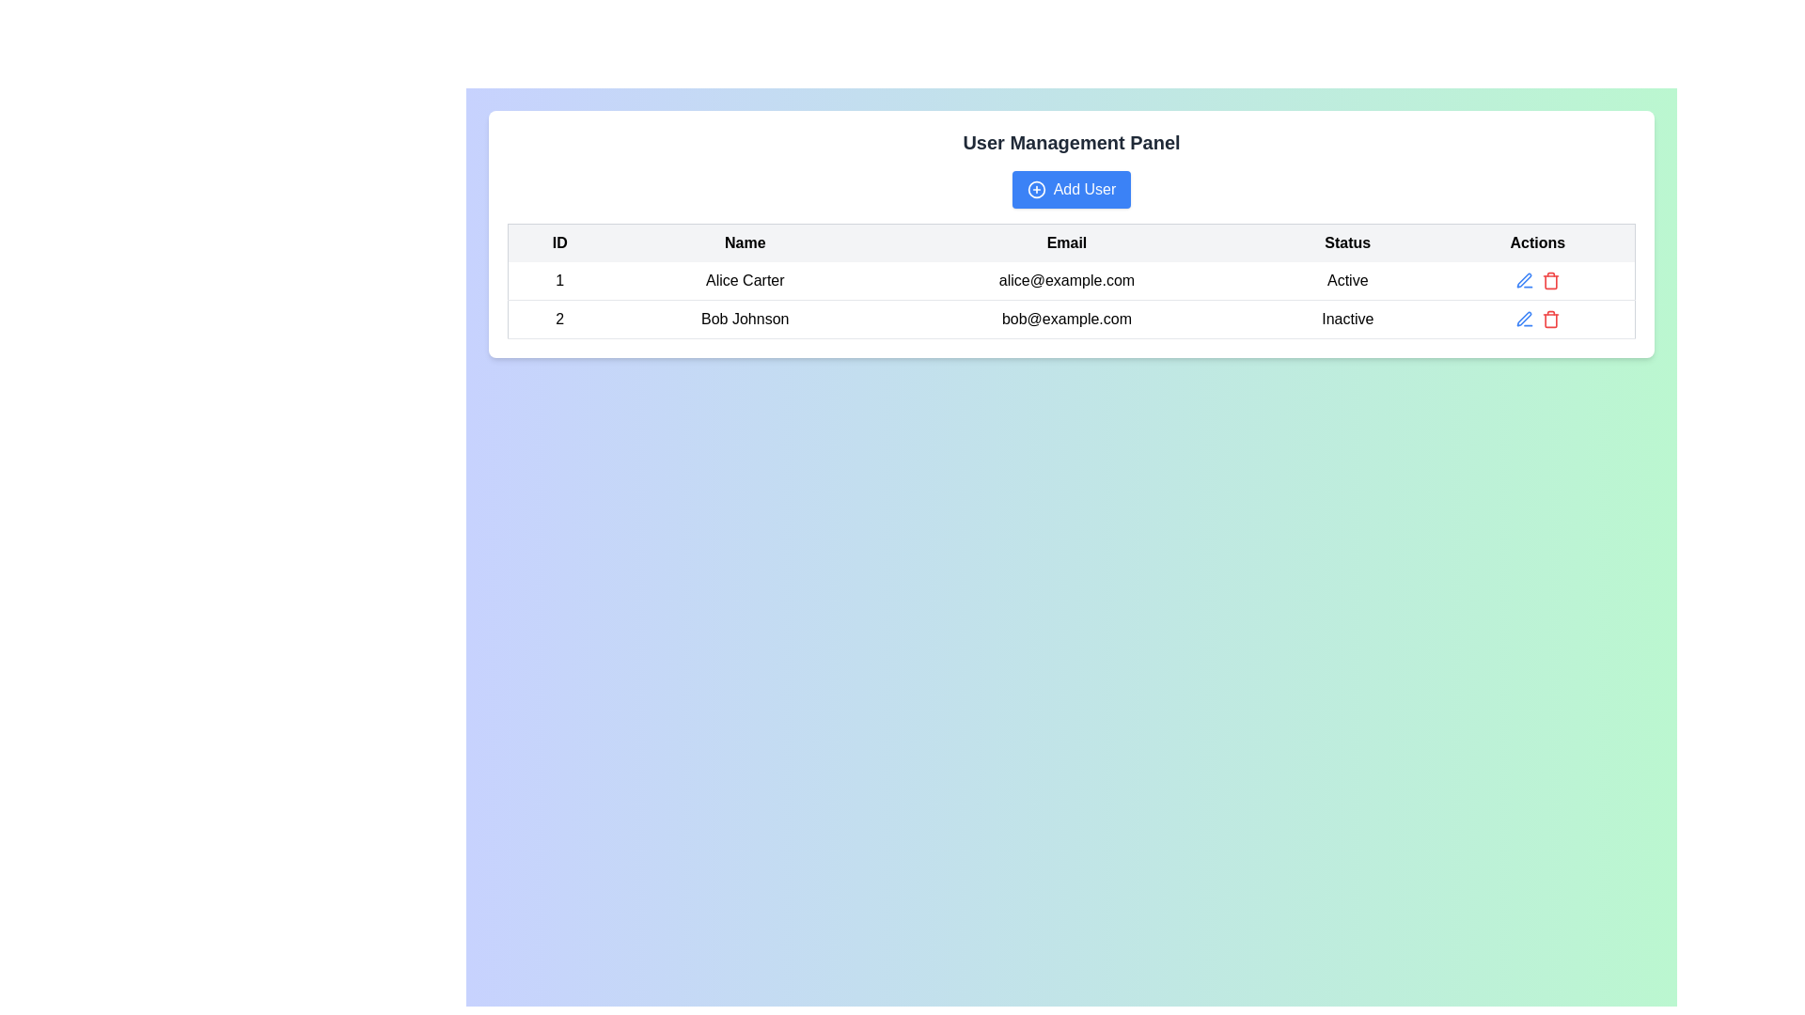 The width and height of the screenshot is (1805, 1015). I want to click on the text label displaying the email address of user 'Bob Johnson' located in the second row of the table under the 'Email' column, so click(1066, 318).